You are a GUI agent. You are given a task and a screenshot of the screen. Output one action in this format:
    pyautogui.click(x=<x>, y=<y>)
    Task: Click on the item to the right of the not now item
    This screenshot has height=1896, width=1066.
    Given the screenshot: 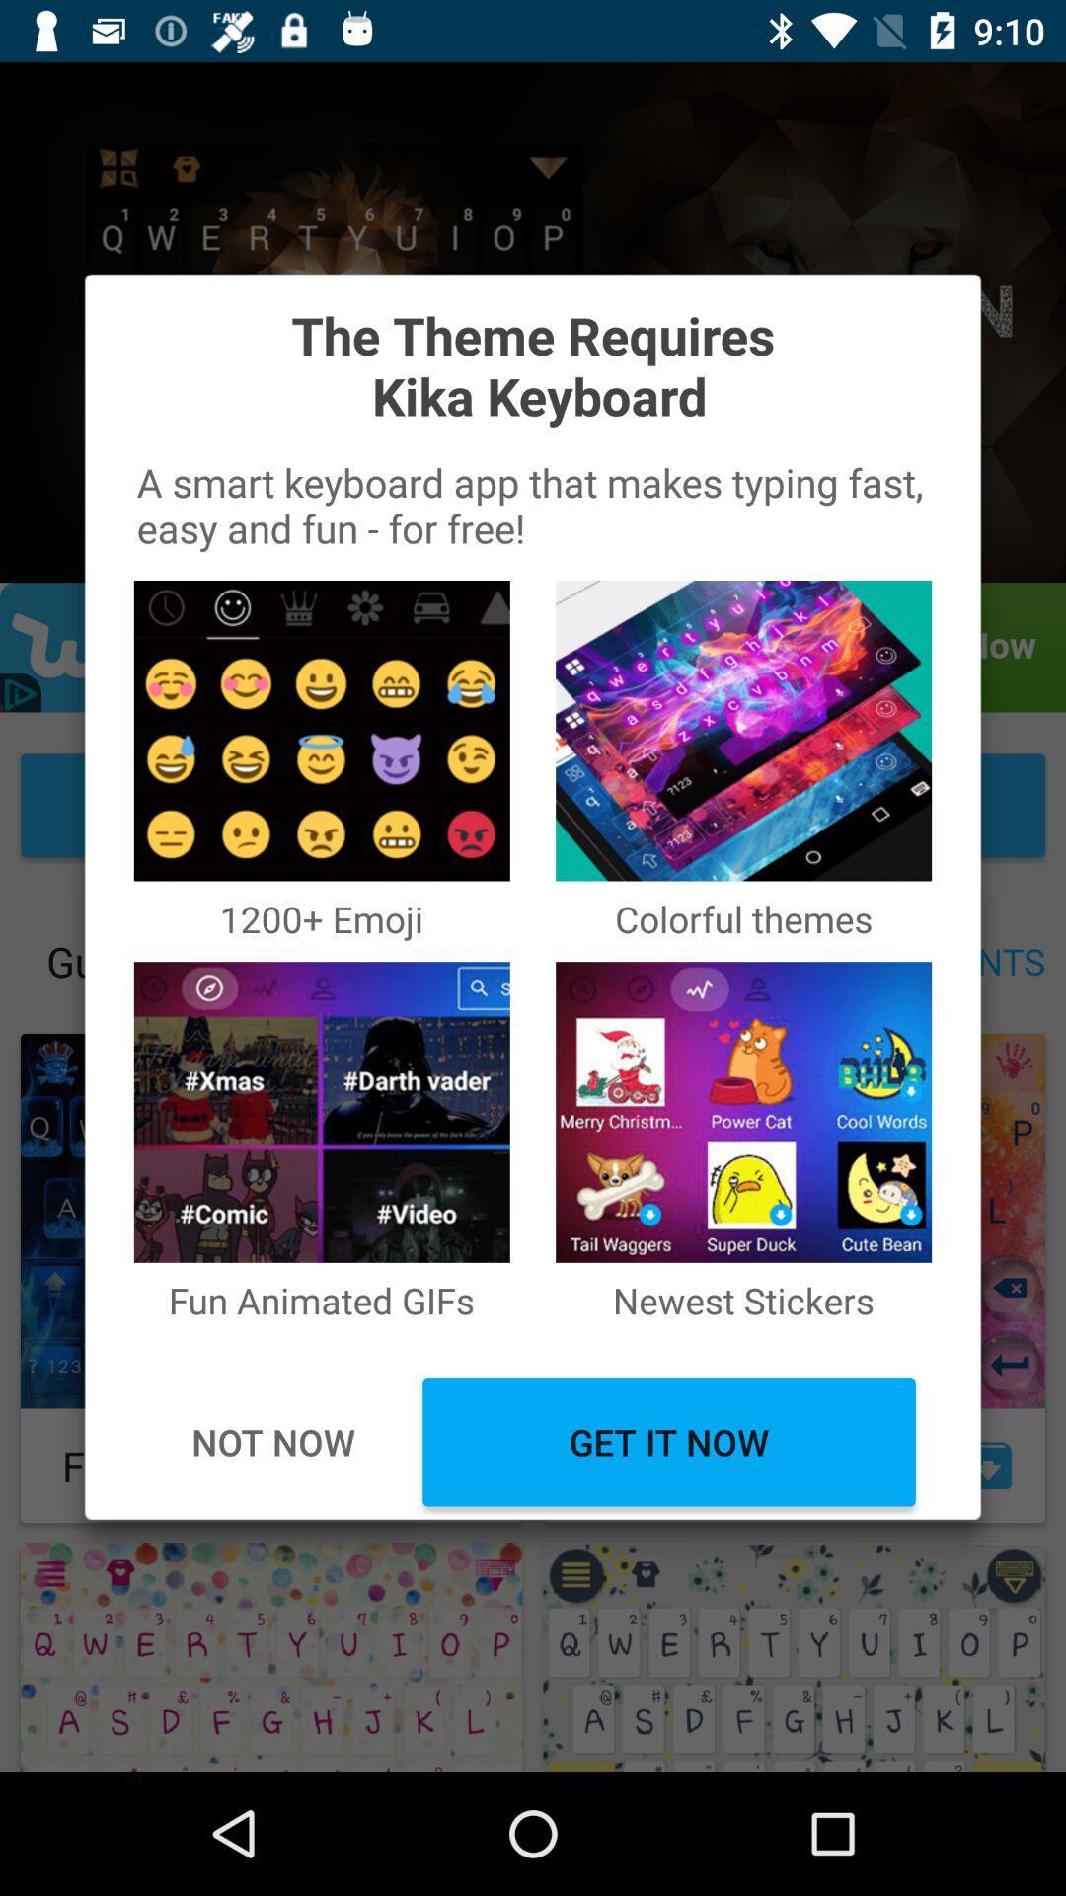 What is the action you would take?
    pyautogui.click(x=668, y=1442)
    